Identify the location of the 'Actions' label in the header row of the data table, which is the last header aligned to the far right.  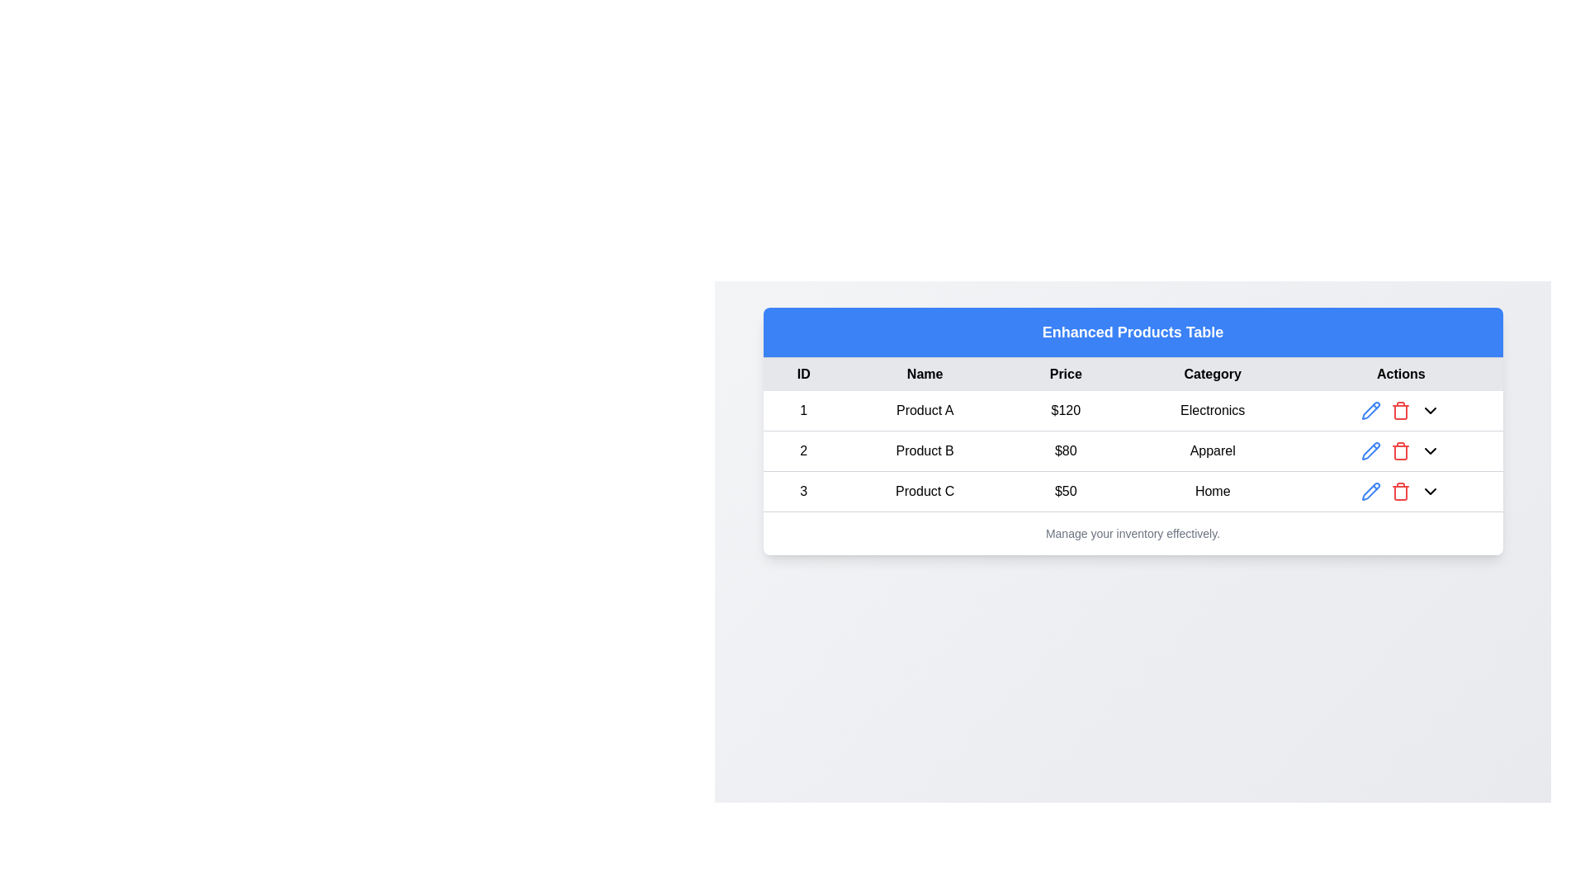
(1400, 374).